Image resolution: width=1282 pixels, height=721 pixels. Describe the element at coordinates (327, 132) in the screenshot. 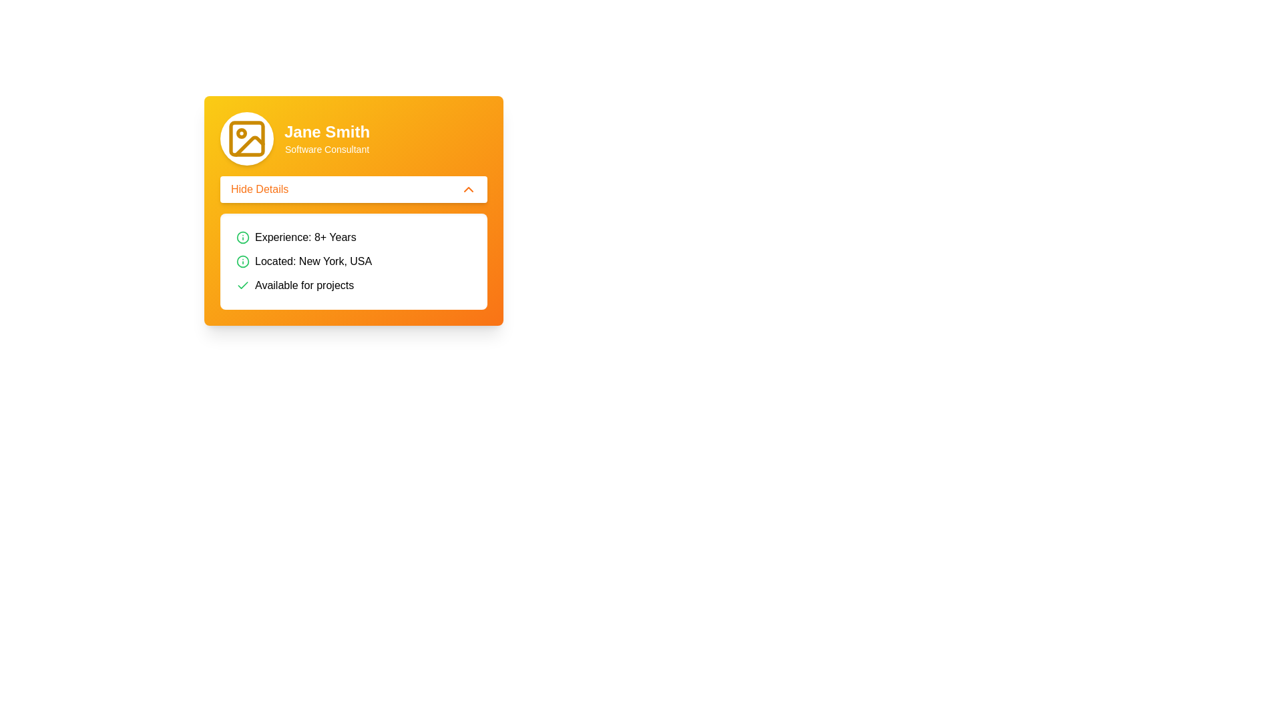

I see `the Text Label displaying the individual's name, which is positioned above the subtitle 'Software Consultant' in the profile section` at that location.